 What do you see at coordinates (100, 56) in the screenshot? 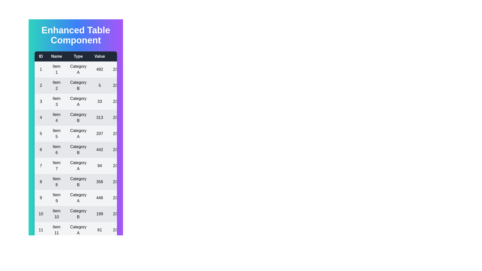
I see `the header of the column to sort by Value` at bounding box center [100, 56].